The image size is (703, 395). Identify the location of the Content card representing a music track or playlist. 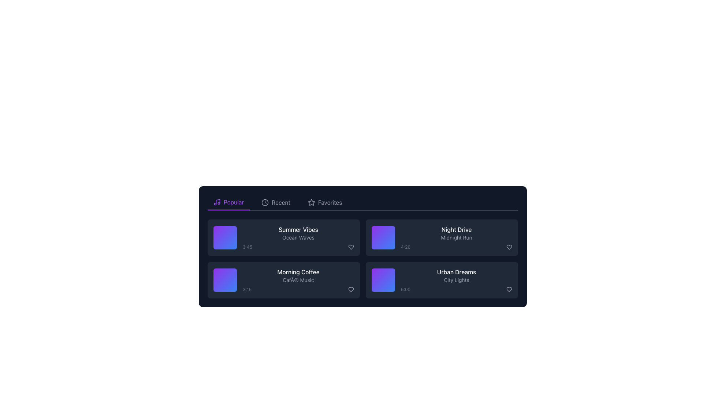
(283, 280).